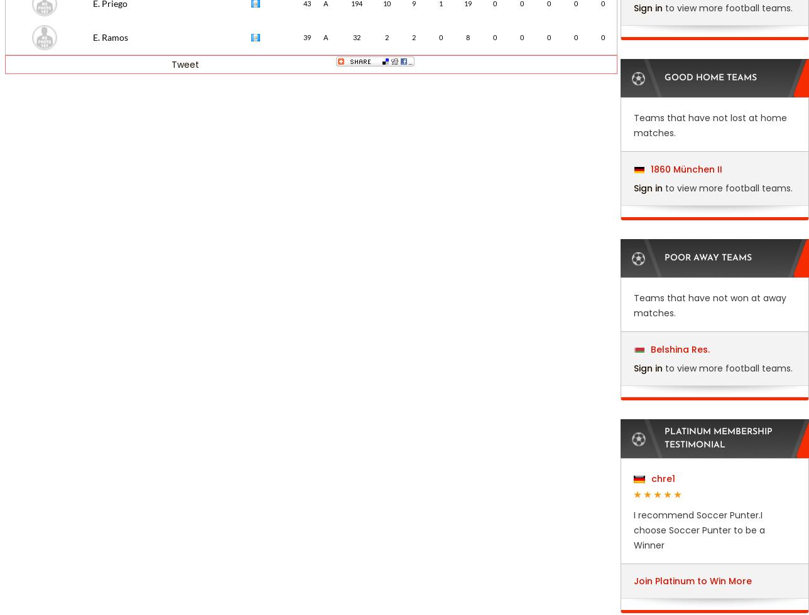  Describe the element at coordinates (185, 64) in the screenshot. I see `'Tweet'` at that location.